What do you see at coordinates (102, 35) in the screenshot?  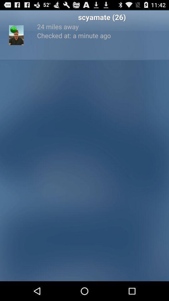 I see `checked at a app` at bounding box center [102, 35].